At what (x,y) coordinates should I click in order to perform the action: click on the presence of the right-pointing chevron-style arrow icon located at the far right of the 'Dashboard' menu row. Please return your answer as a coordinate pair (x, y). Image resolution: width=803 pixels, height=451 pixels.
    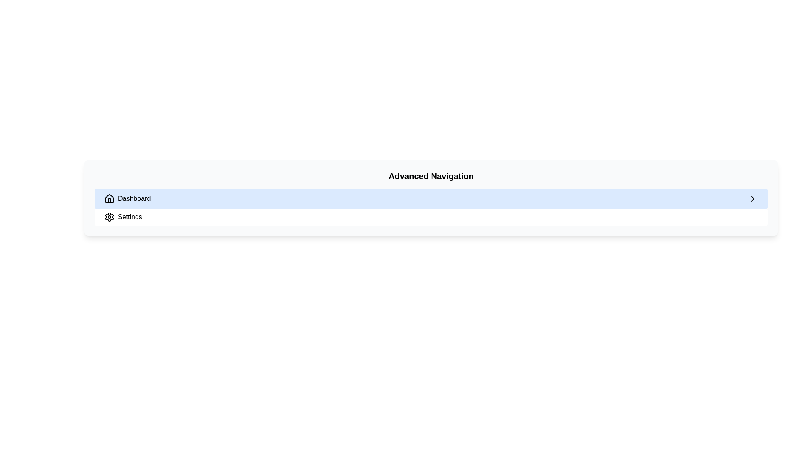
    Looking at the image, I should click on (753, 198).